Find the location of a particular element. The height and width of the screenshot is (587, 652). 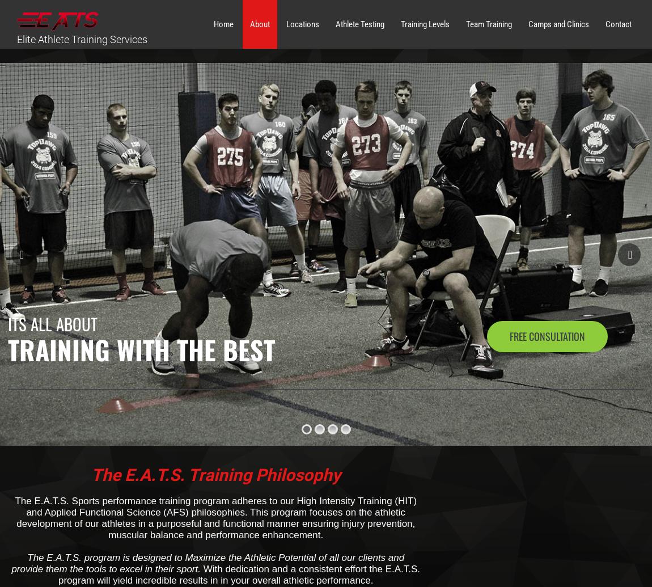

'Archives' is located at coordinates (485, 201).